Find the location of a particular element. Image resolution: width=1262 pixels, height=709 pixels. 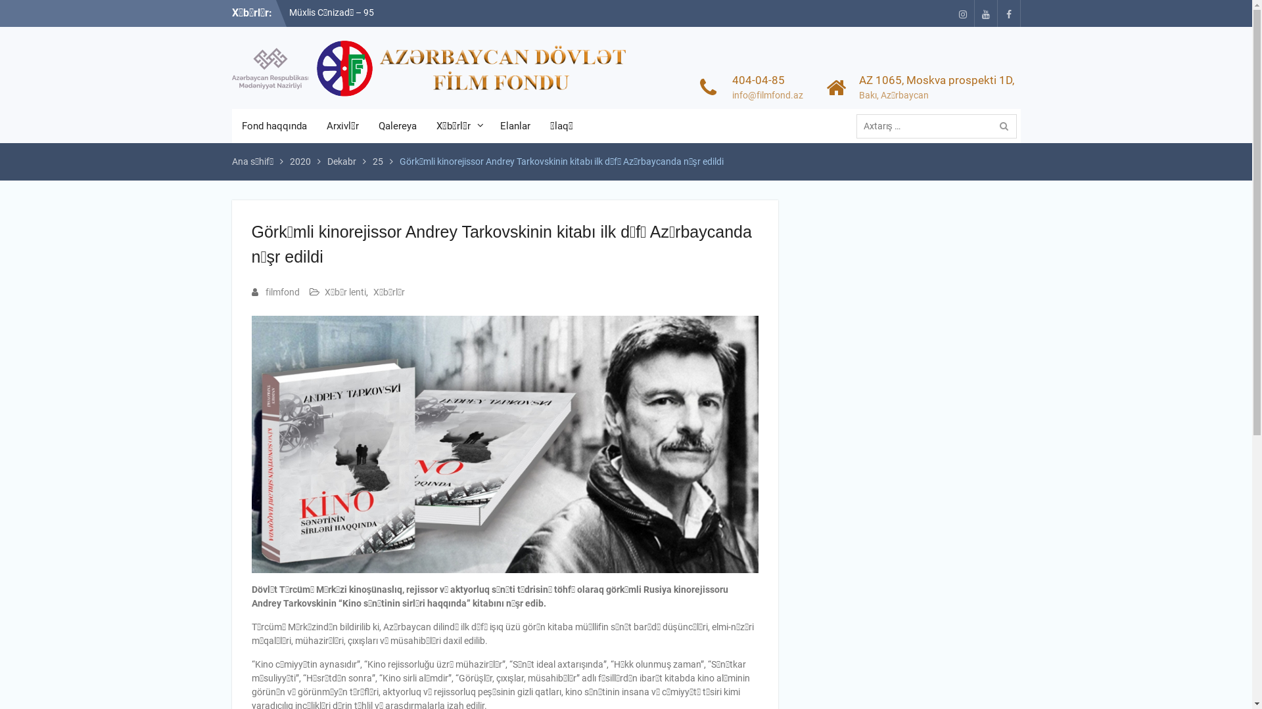

'25' is located at coordinates (377, 161).